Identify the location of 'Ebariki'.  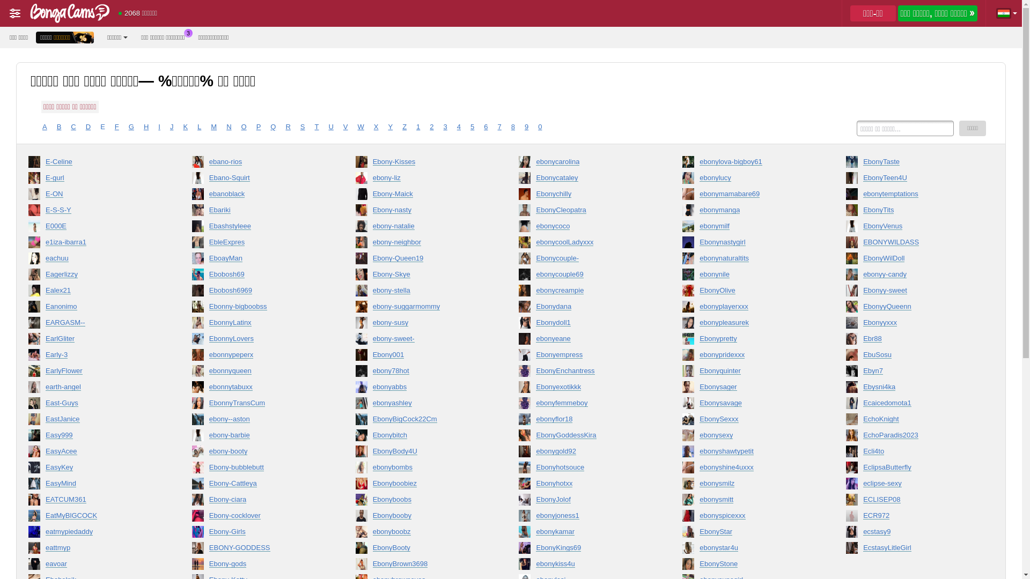
(192, 212).